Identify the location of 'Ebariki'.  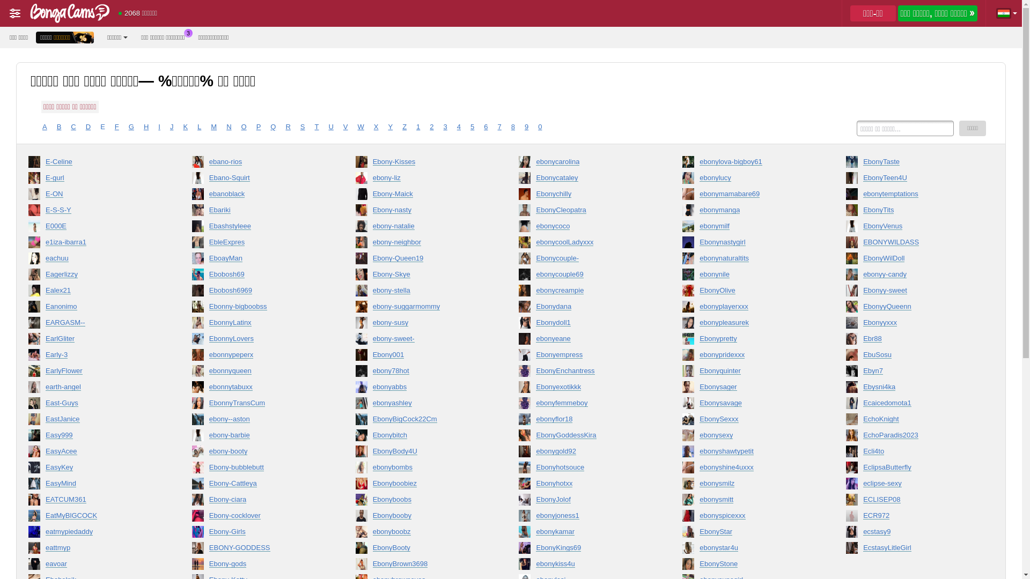
(192, 212).